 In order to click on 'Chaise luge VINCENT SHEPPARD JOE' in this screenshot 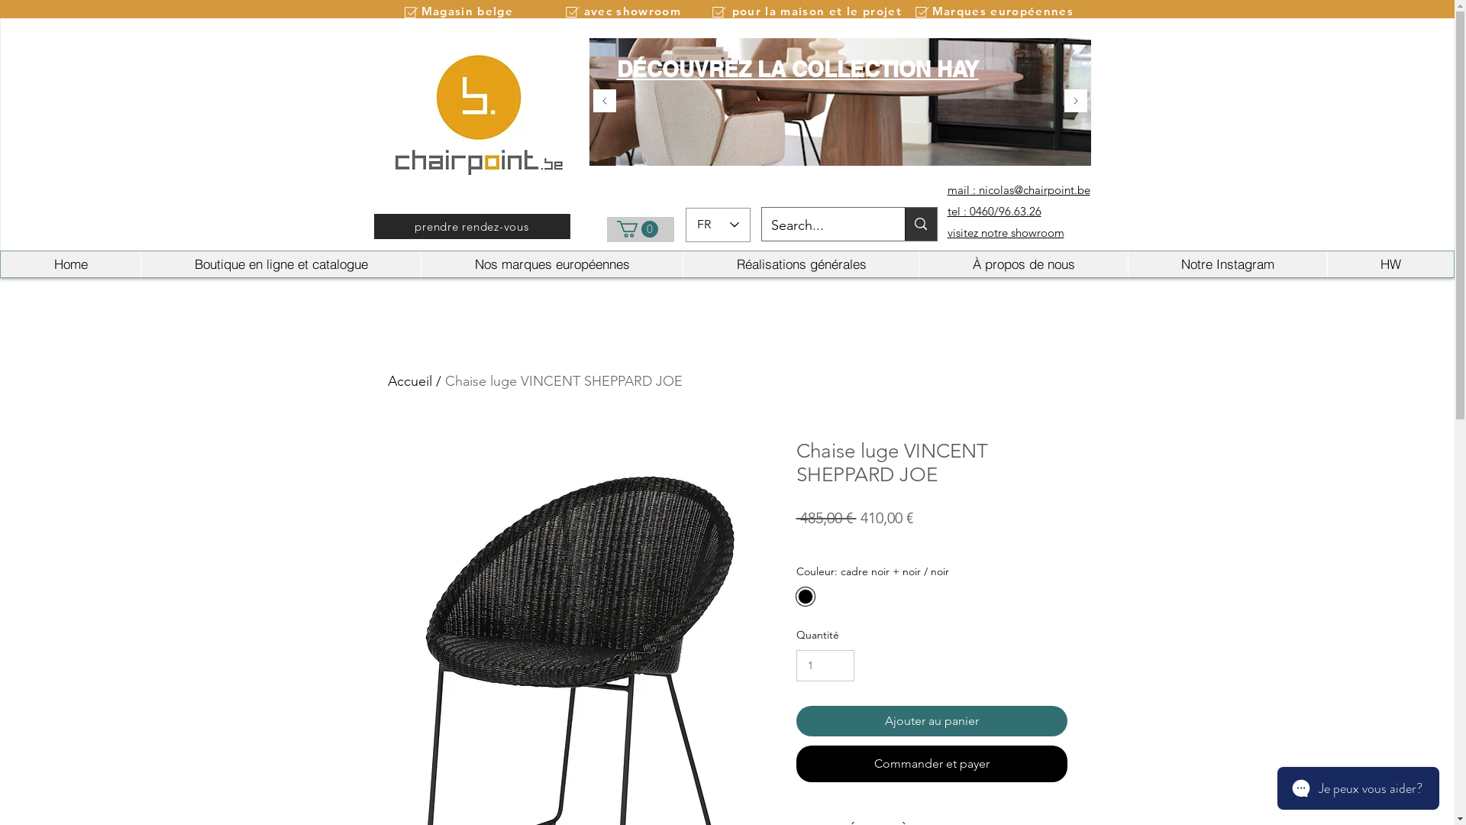, I will do `click(562, 380)`.